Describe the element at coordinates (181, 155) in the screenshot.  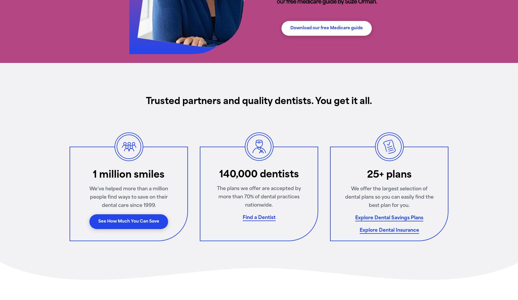
I see `'Group/Business Dental'` at that location.